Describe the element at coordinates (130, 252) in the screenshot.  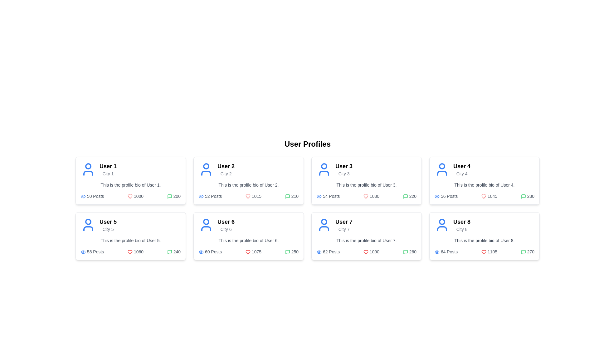
I see `the small red outlined heart icon representing a 'like' action, located to the left of the number 1060 in 'User 5's profile card` at that location.